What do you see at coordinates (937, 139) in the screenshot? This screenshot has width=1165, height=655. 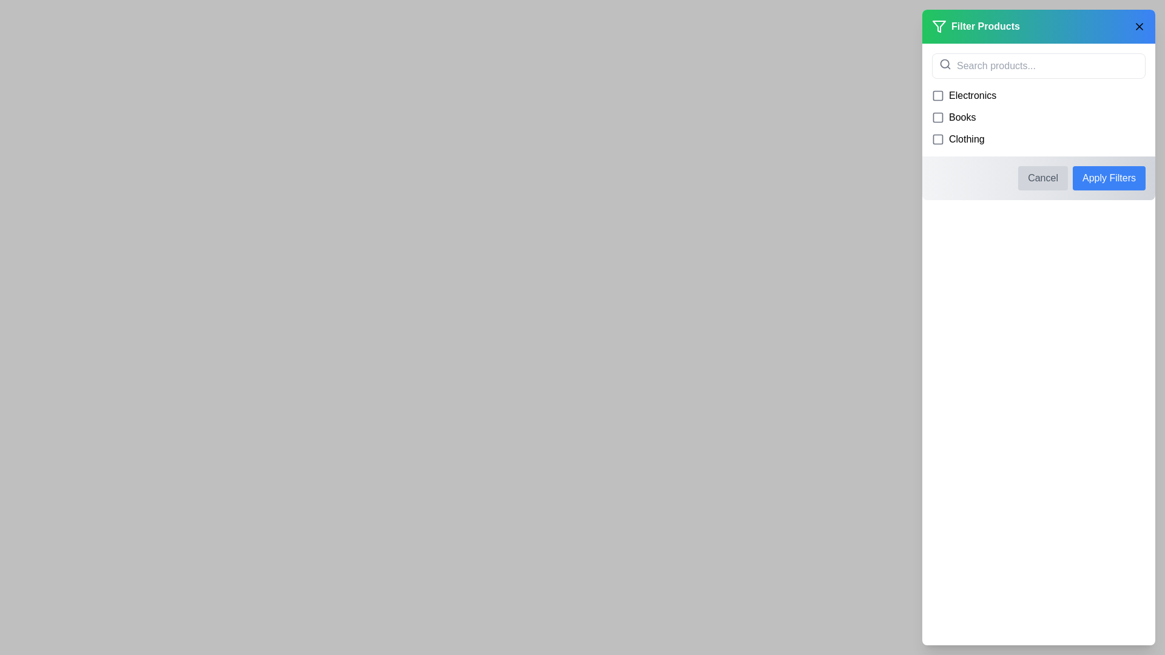 I see `the third Checkbox located next to the 'Clothing' label in the filter options` at bounding box center [937, 139].